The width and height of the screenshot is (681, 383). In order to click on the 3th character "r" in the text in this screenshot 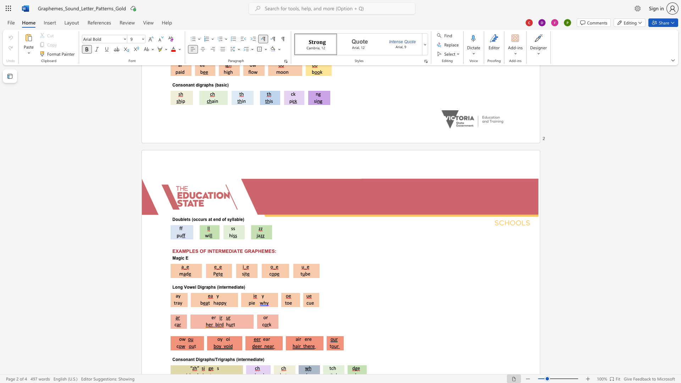, I will do `click(224, 359)`.